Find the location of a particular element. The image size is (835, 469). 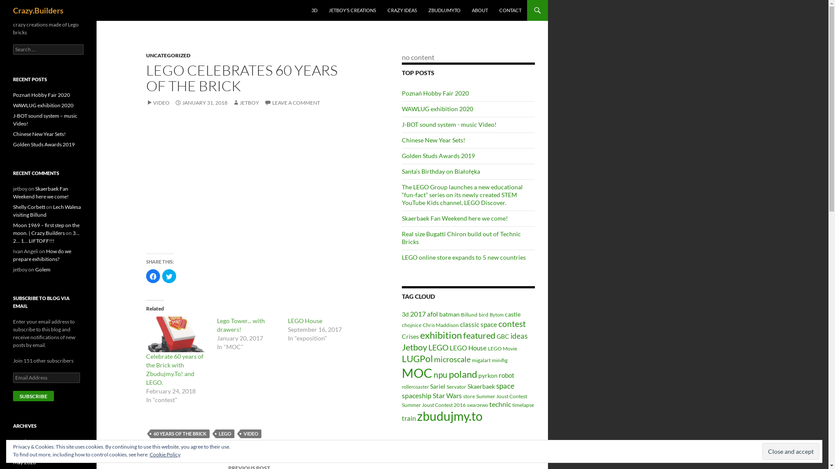

'LEGO online store expands to 5 new countries' is located at coordinates (463, 257).